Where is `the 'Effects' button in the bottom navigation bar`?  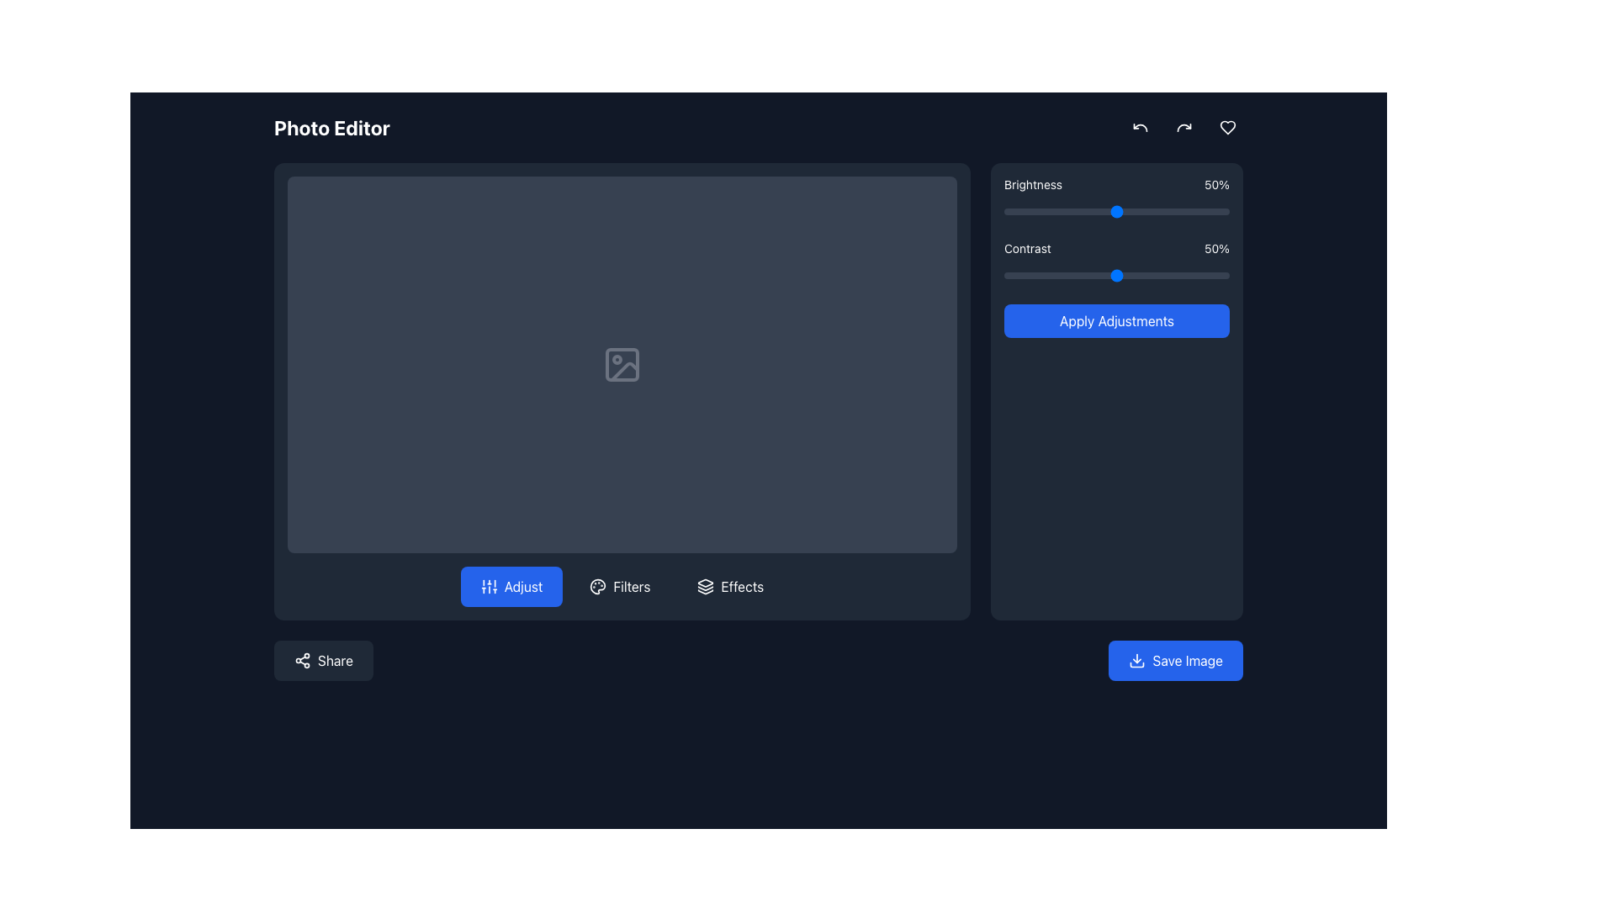 the 'Effects' button in the bottom navigation bar is located at coordinates (741, 585).